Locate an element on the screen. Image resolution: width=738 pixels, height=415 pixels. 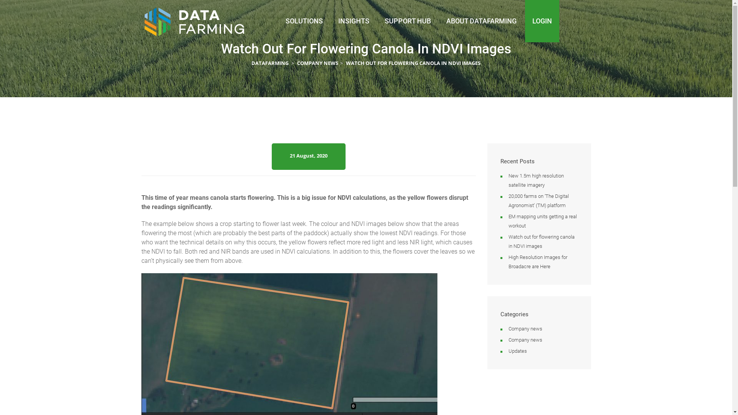
'COMPANY NEWS' is located at coordinates (317, 63).